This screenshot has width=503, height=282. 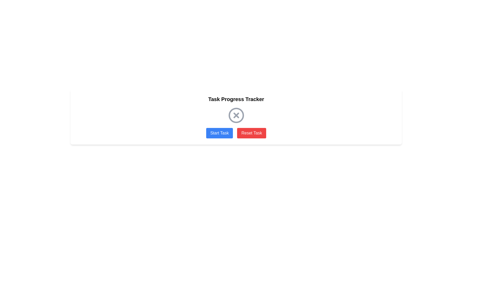 I want to click on the 'Start Task' button, which is a rectangular button with white text on a blue background, positioned to the left of the 'Reset Task' button, so click(x=220, y=133).